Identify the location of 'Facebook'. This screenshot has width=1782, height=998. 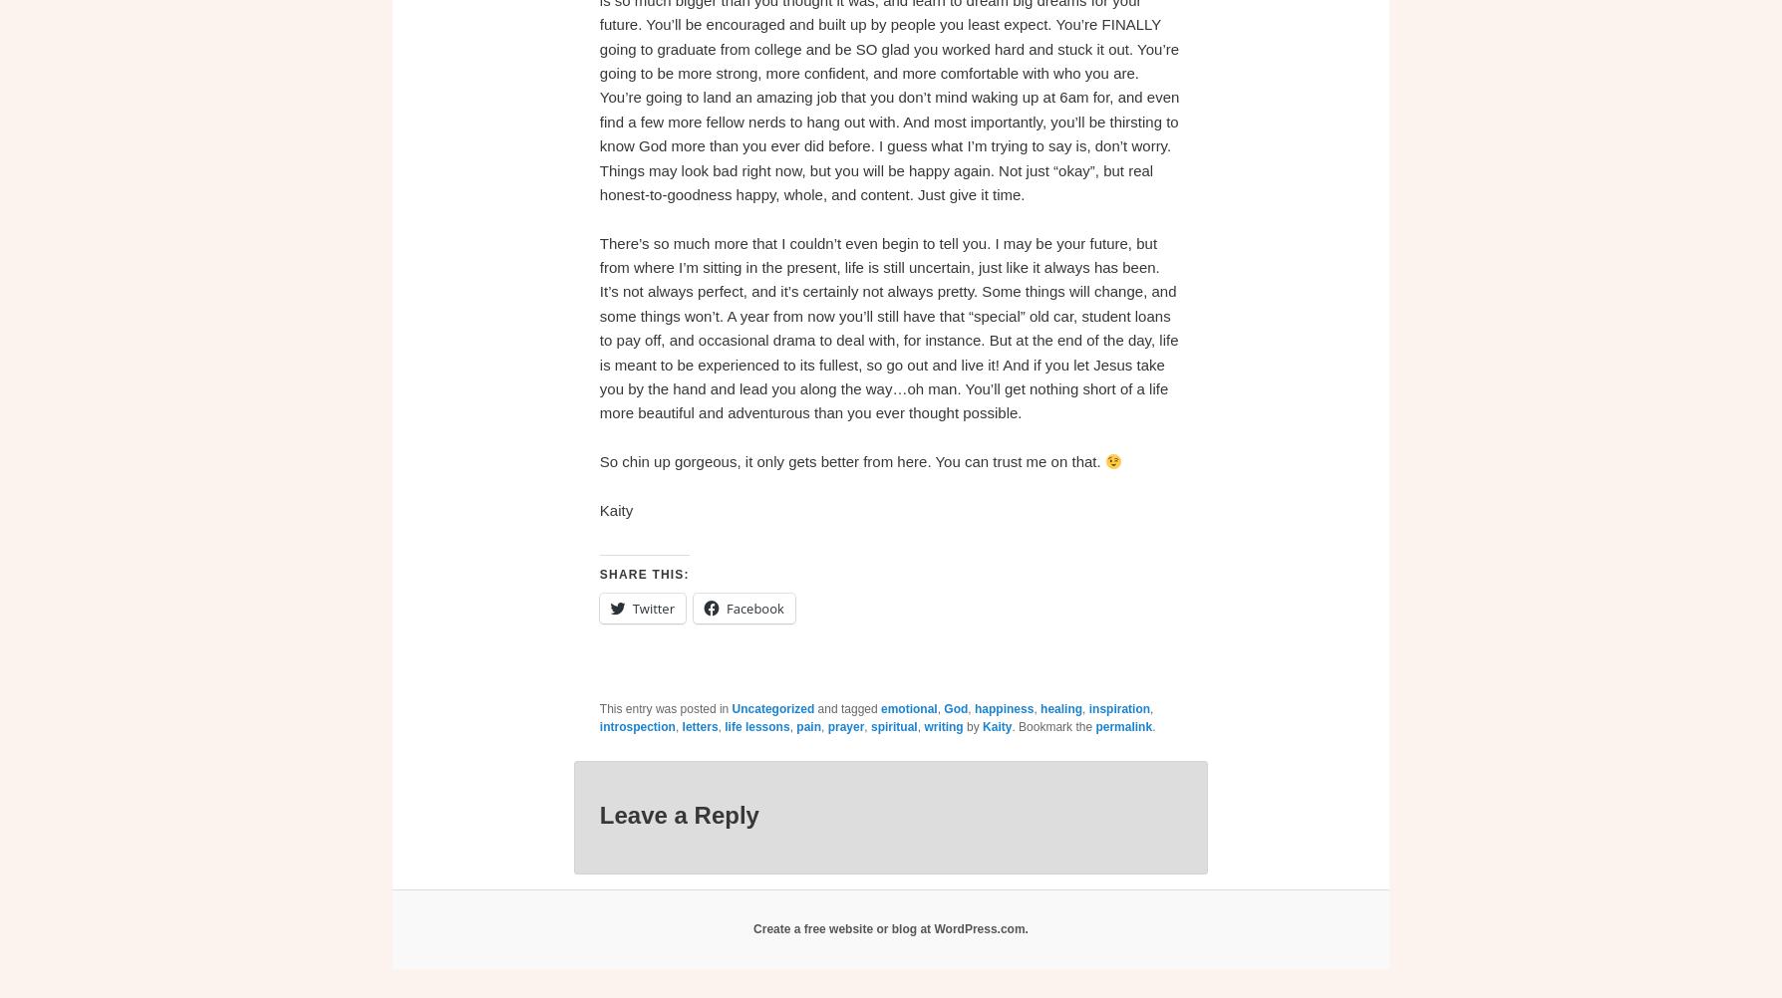
(753, 608).